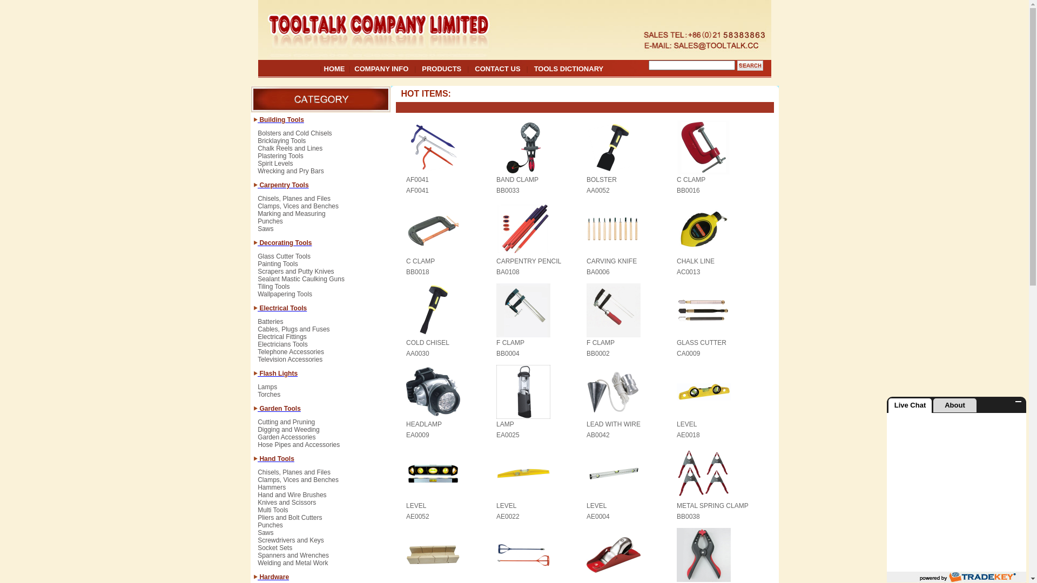  Describe the element at coordinates (294, 137) in the screenshot. I see `'Bolsters and Cold Chisels'` at that location.